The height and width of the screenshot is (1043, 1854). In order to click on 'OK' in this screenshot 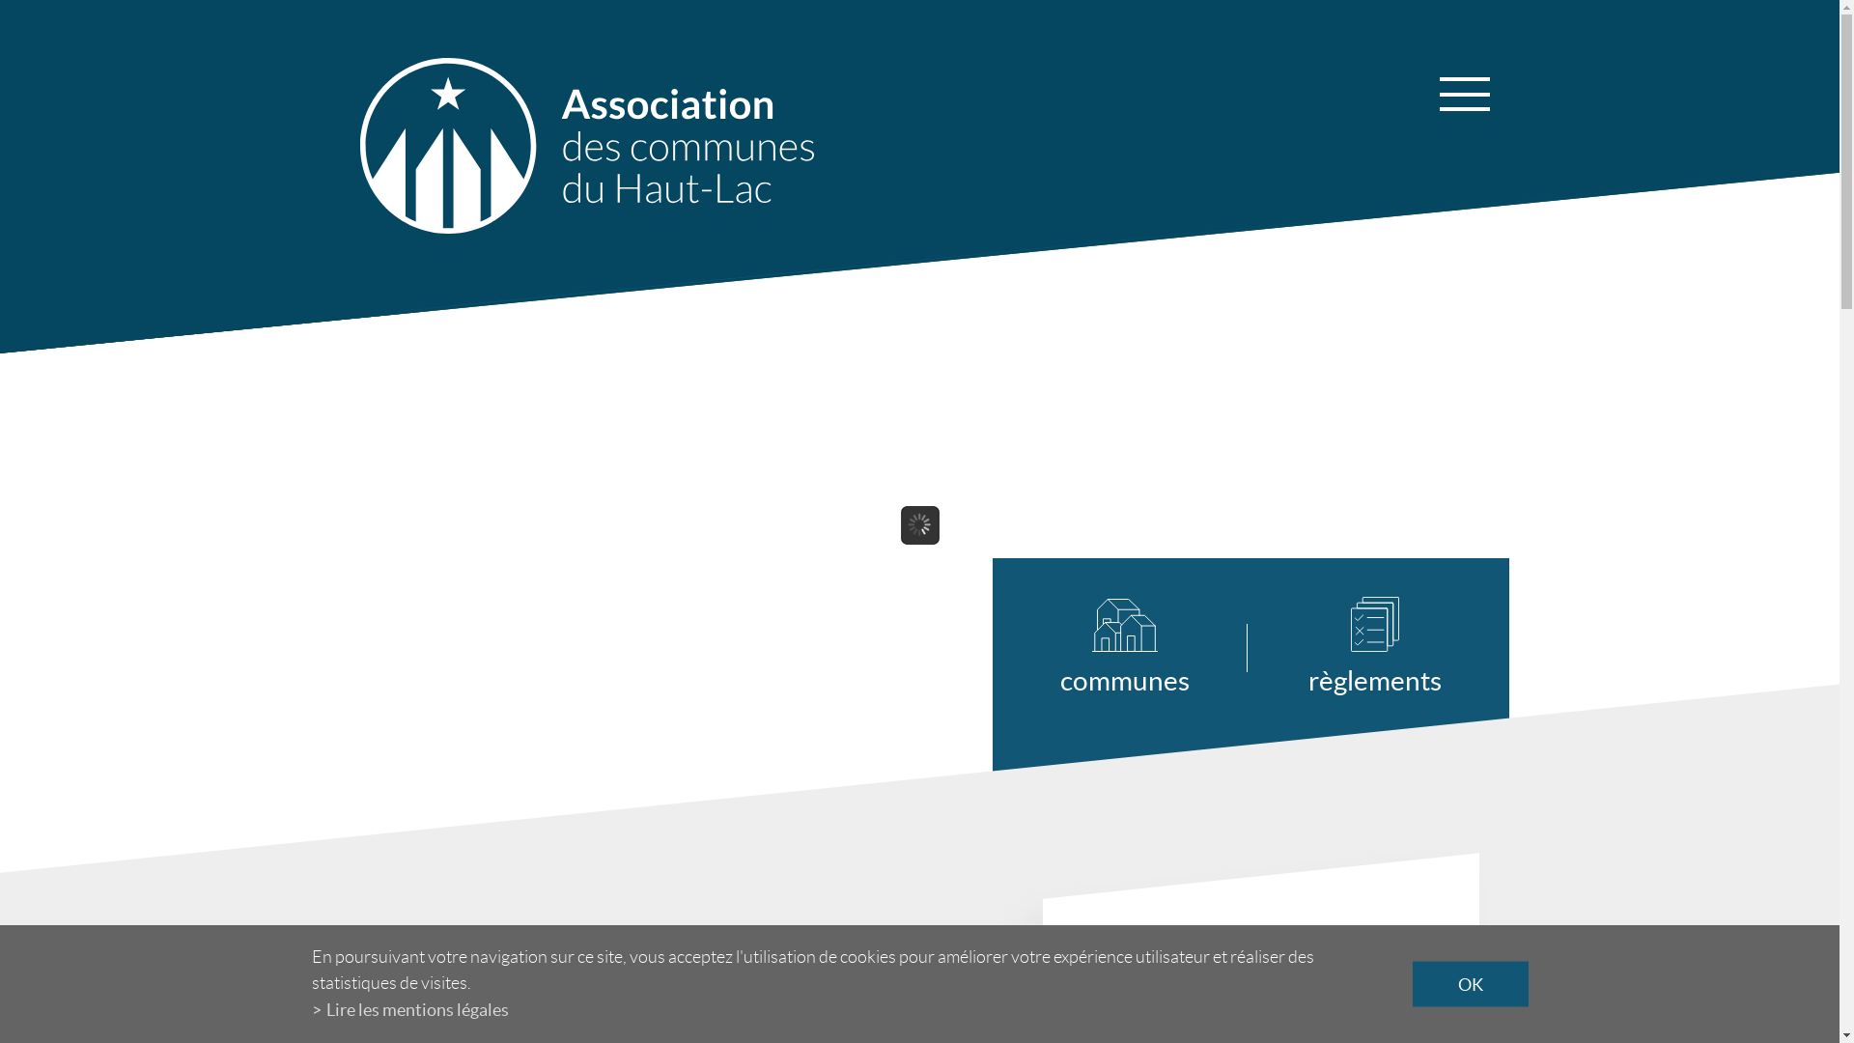, I will do `click(1468, 984)`.